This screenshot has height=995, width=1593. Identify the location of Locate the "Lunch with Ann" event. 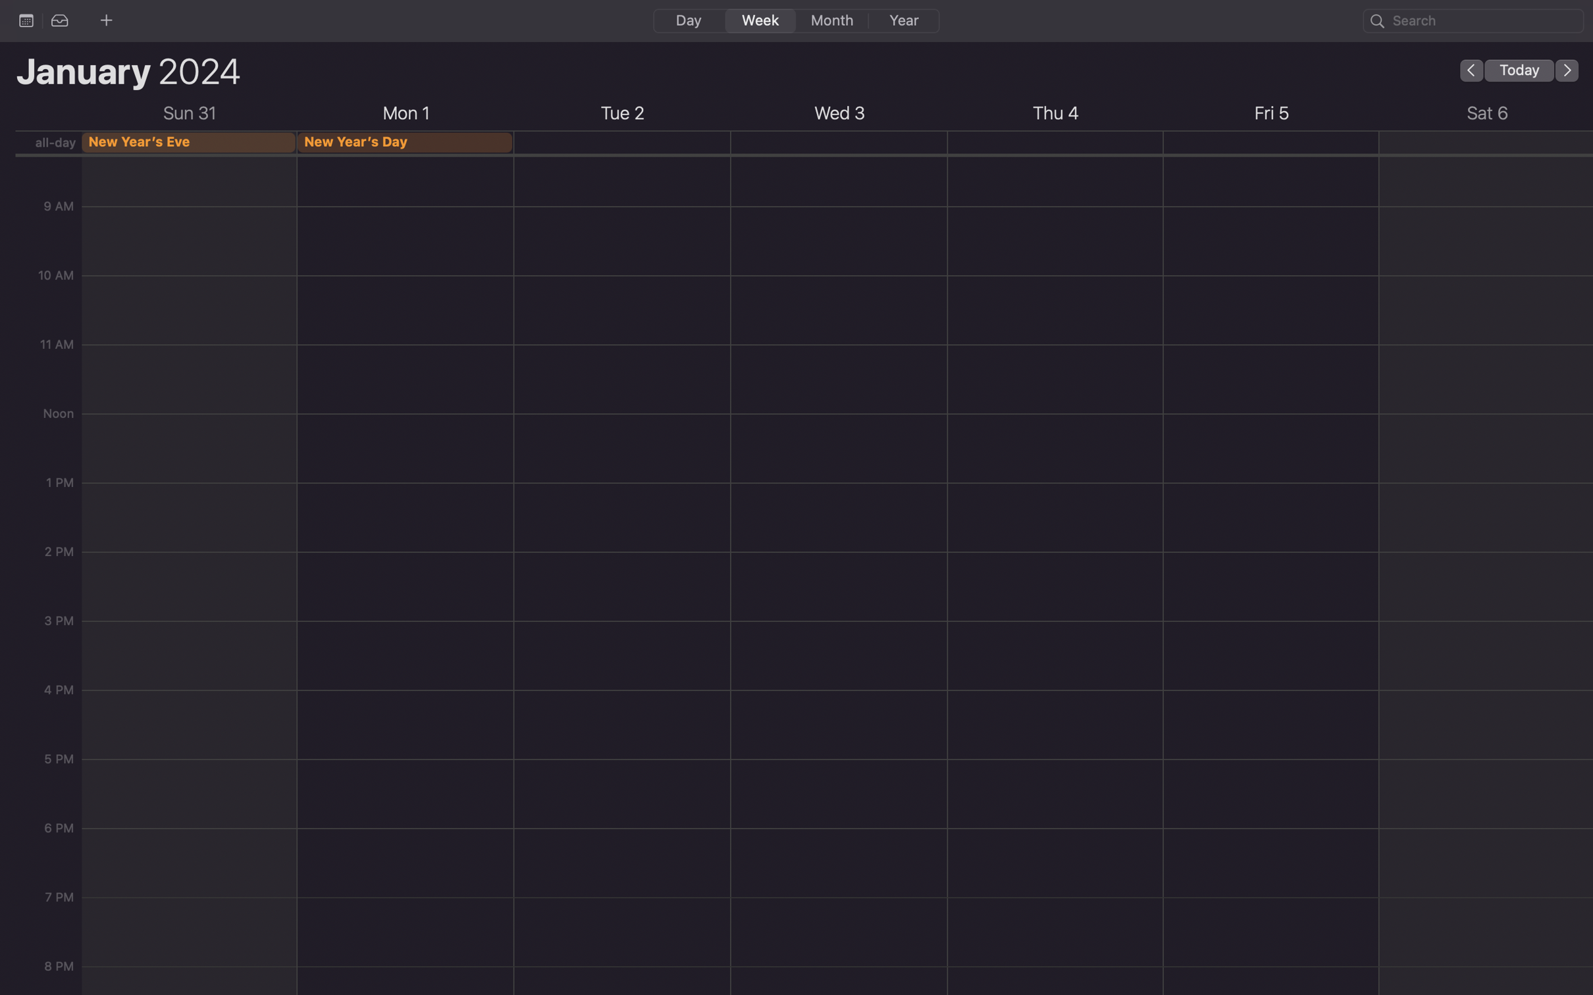
(1473, 20).